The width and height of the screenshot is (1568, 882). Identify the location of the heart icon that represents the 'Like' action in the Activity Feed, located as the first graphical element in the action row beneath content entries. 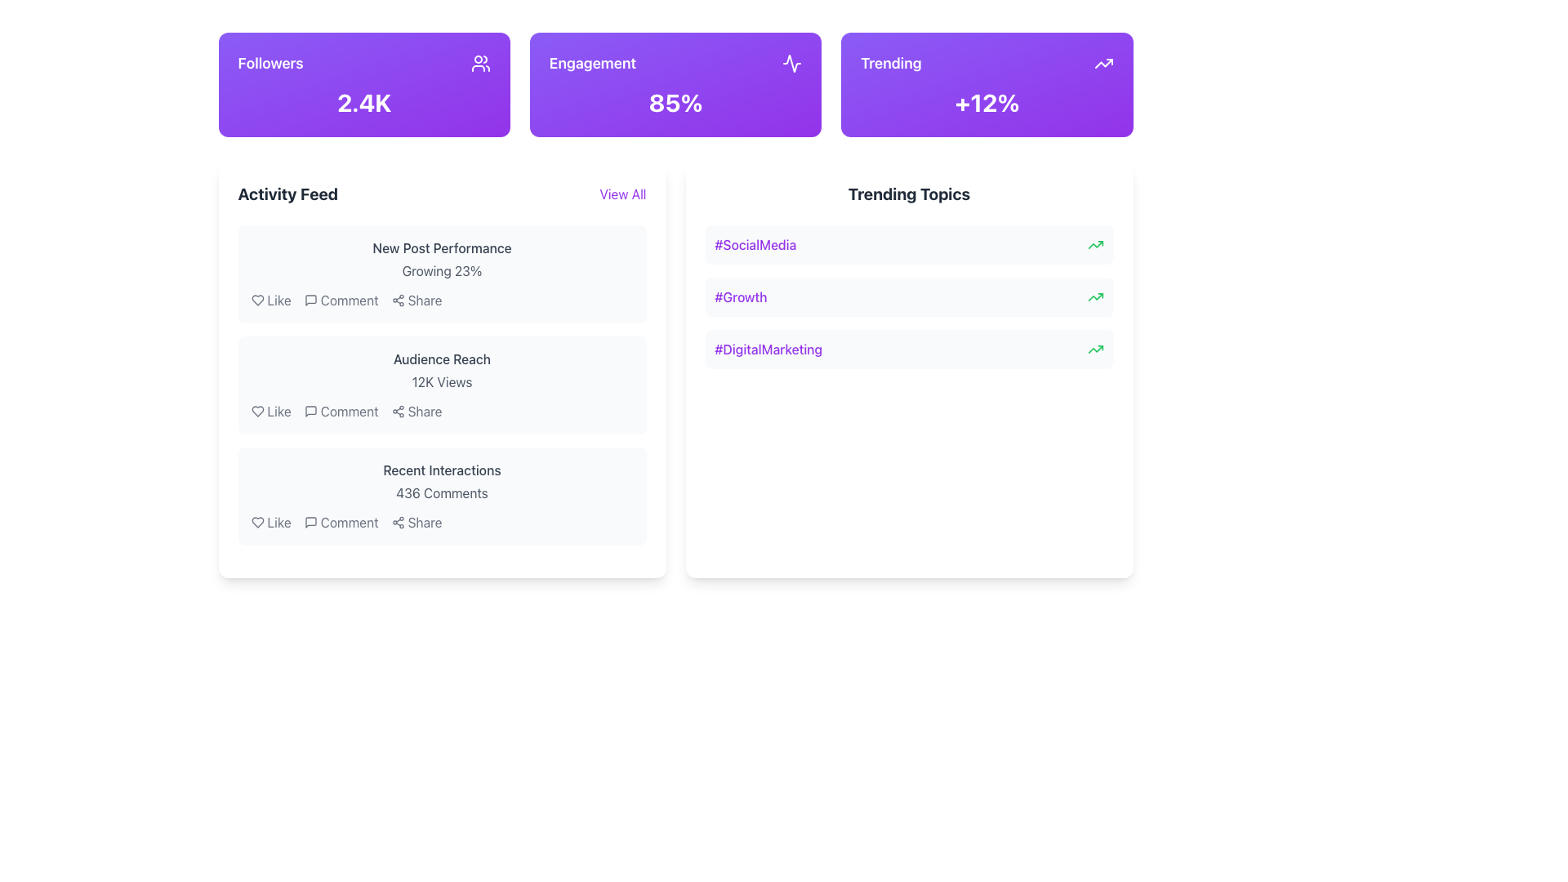
(256, 300).